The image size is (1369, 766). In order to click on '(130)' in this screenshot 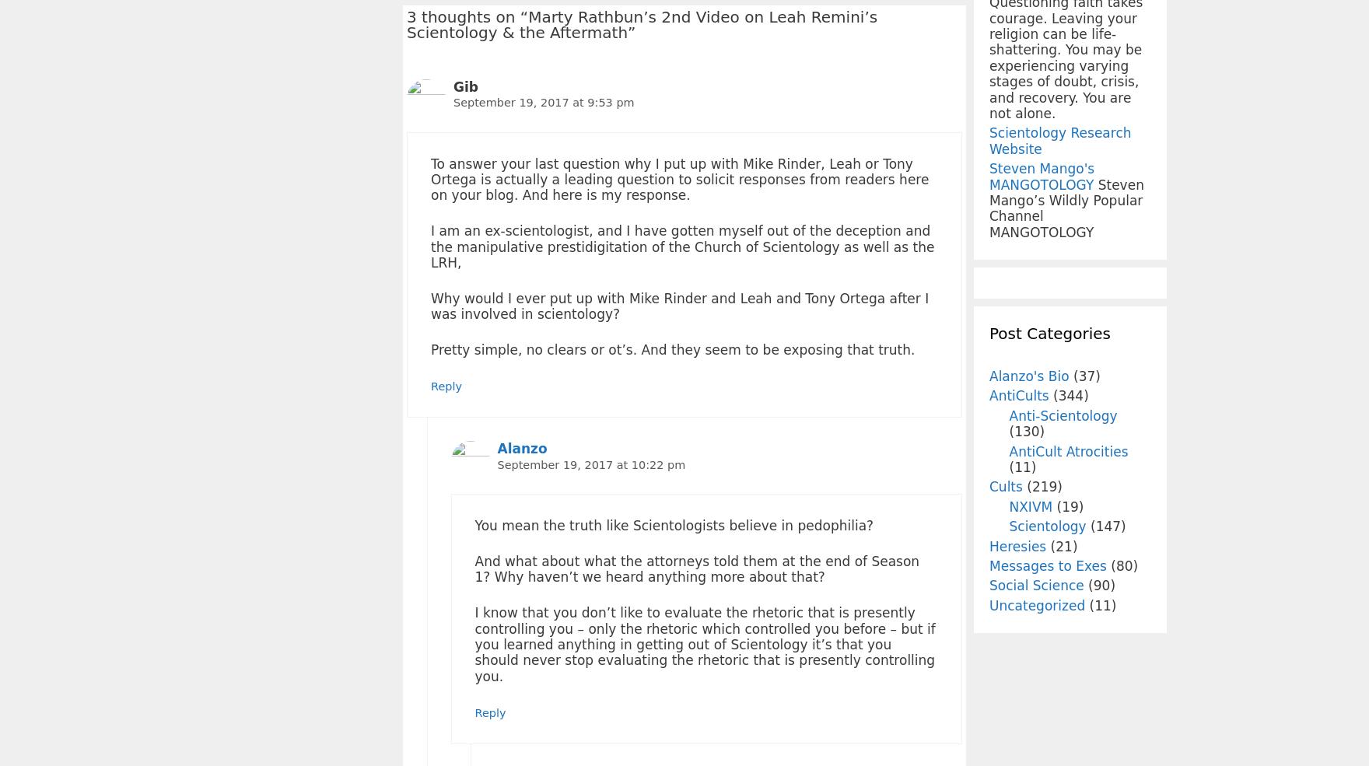, I will do `click(1027, 432)`.